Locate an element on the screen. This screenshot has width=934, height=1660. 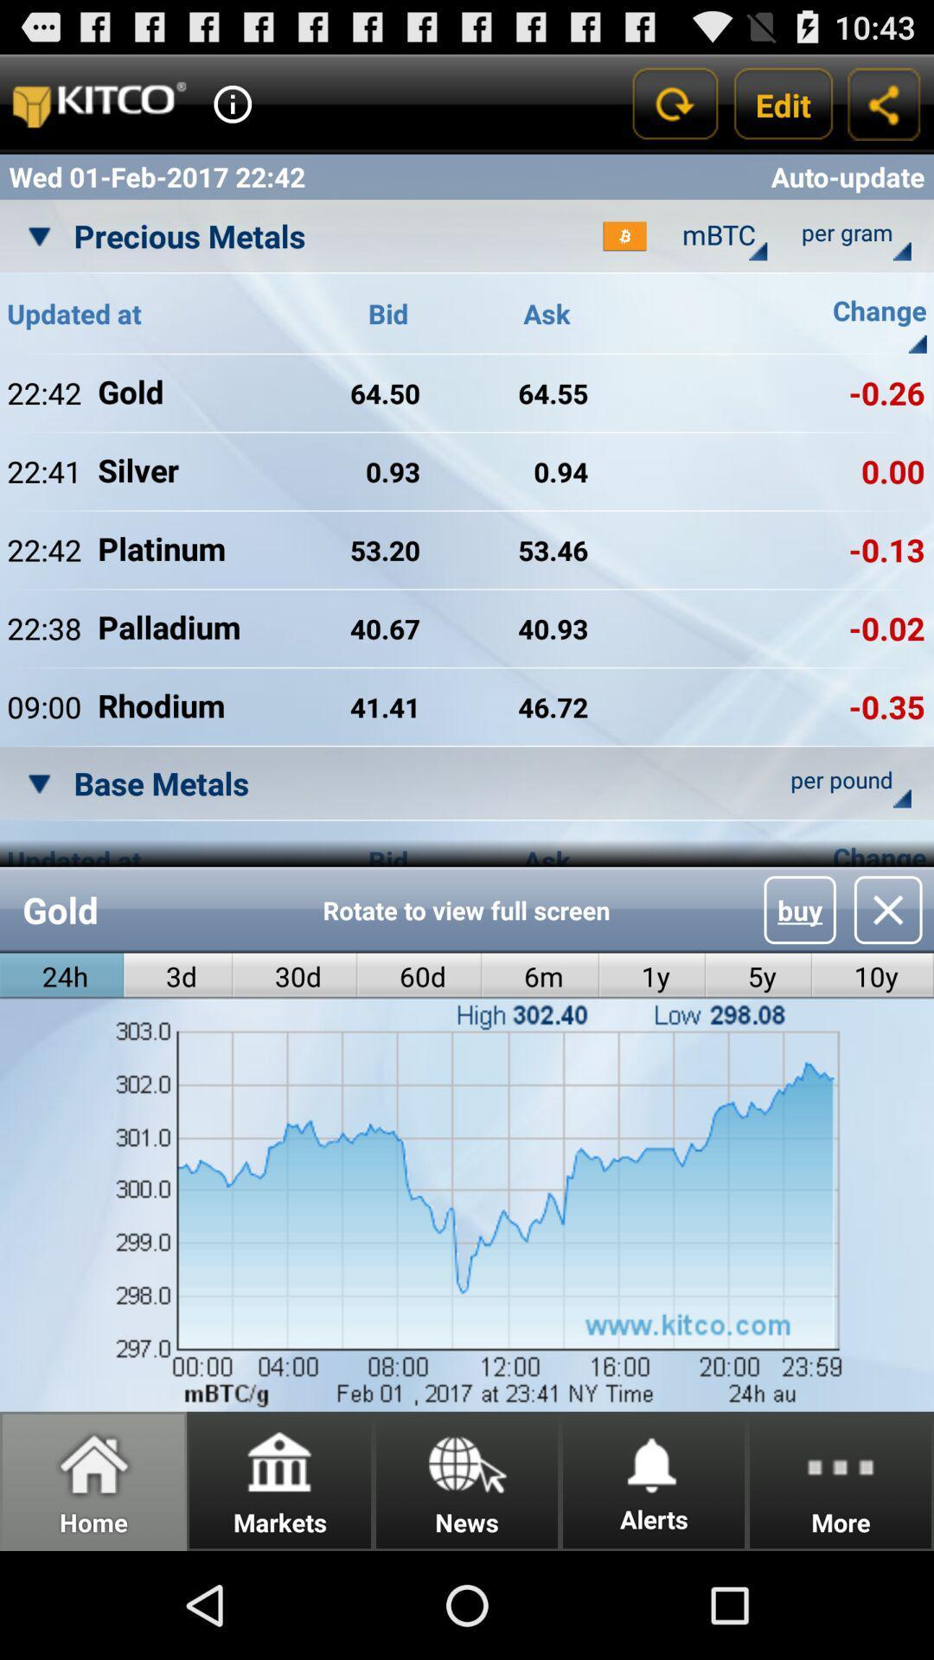
30d icon is located at coordinates (294, 976).